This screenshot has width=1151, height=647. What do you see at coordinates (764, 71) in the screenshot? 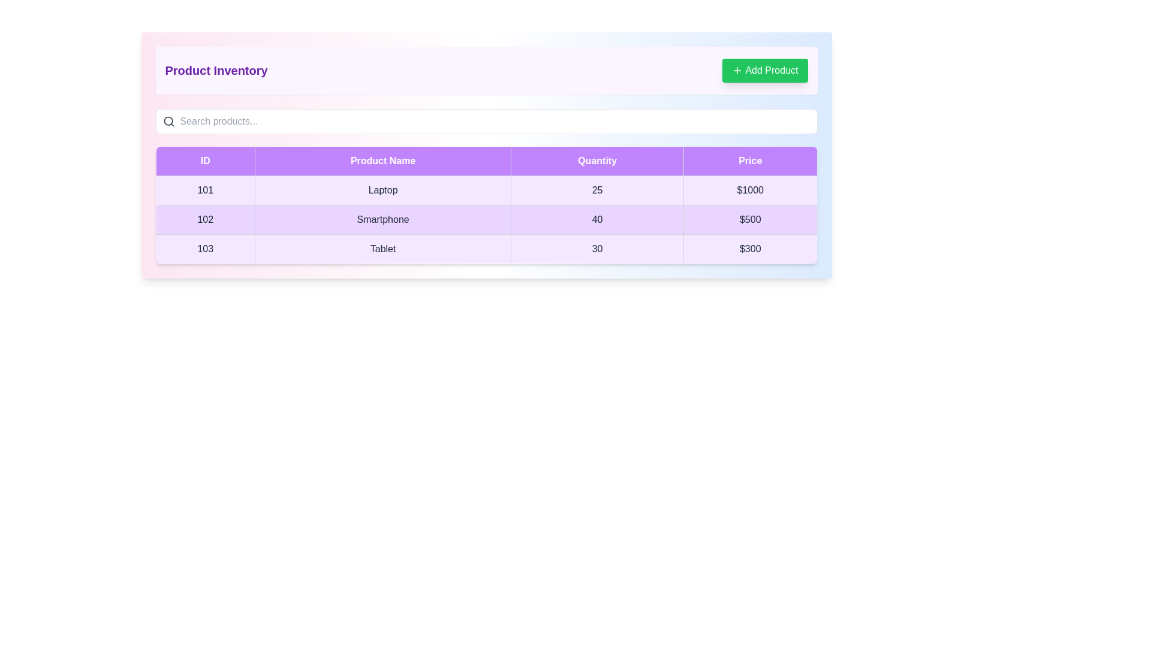
I see `the button that allows users to add new products to the inventory, located in the top-right corner adjacent to the 'Product Inventory' title` at bounding box center [764, 71].